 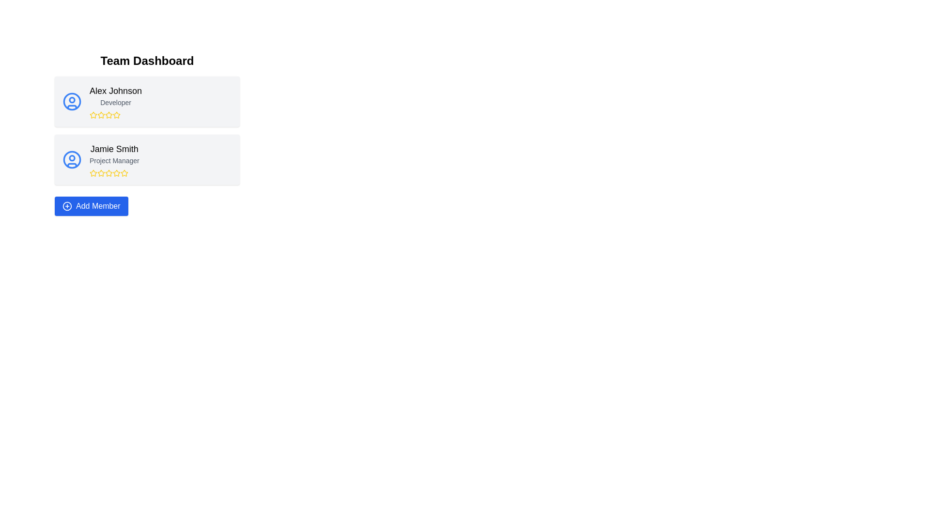 I want to click on the Profile Card of 'Jamie Smith', so click(x=146, y=159).